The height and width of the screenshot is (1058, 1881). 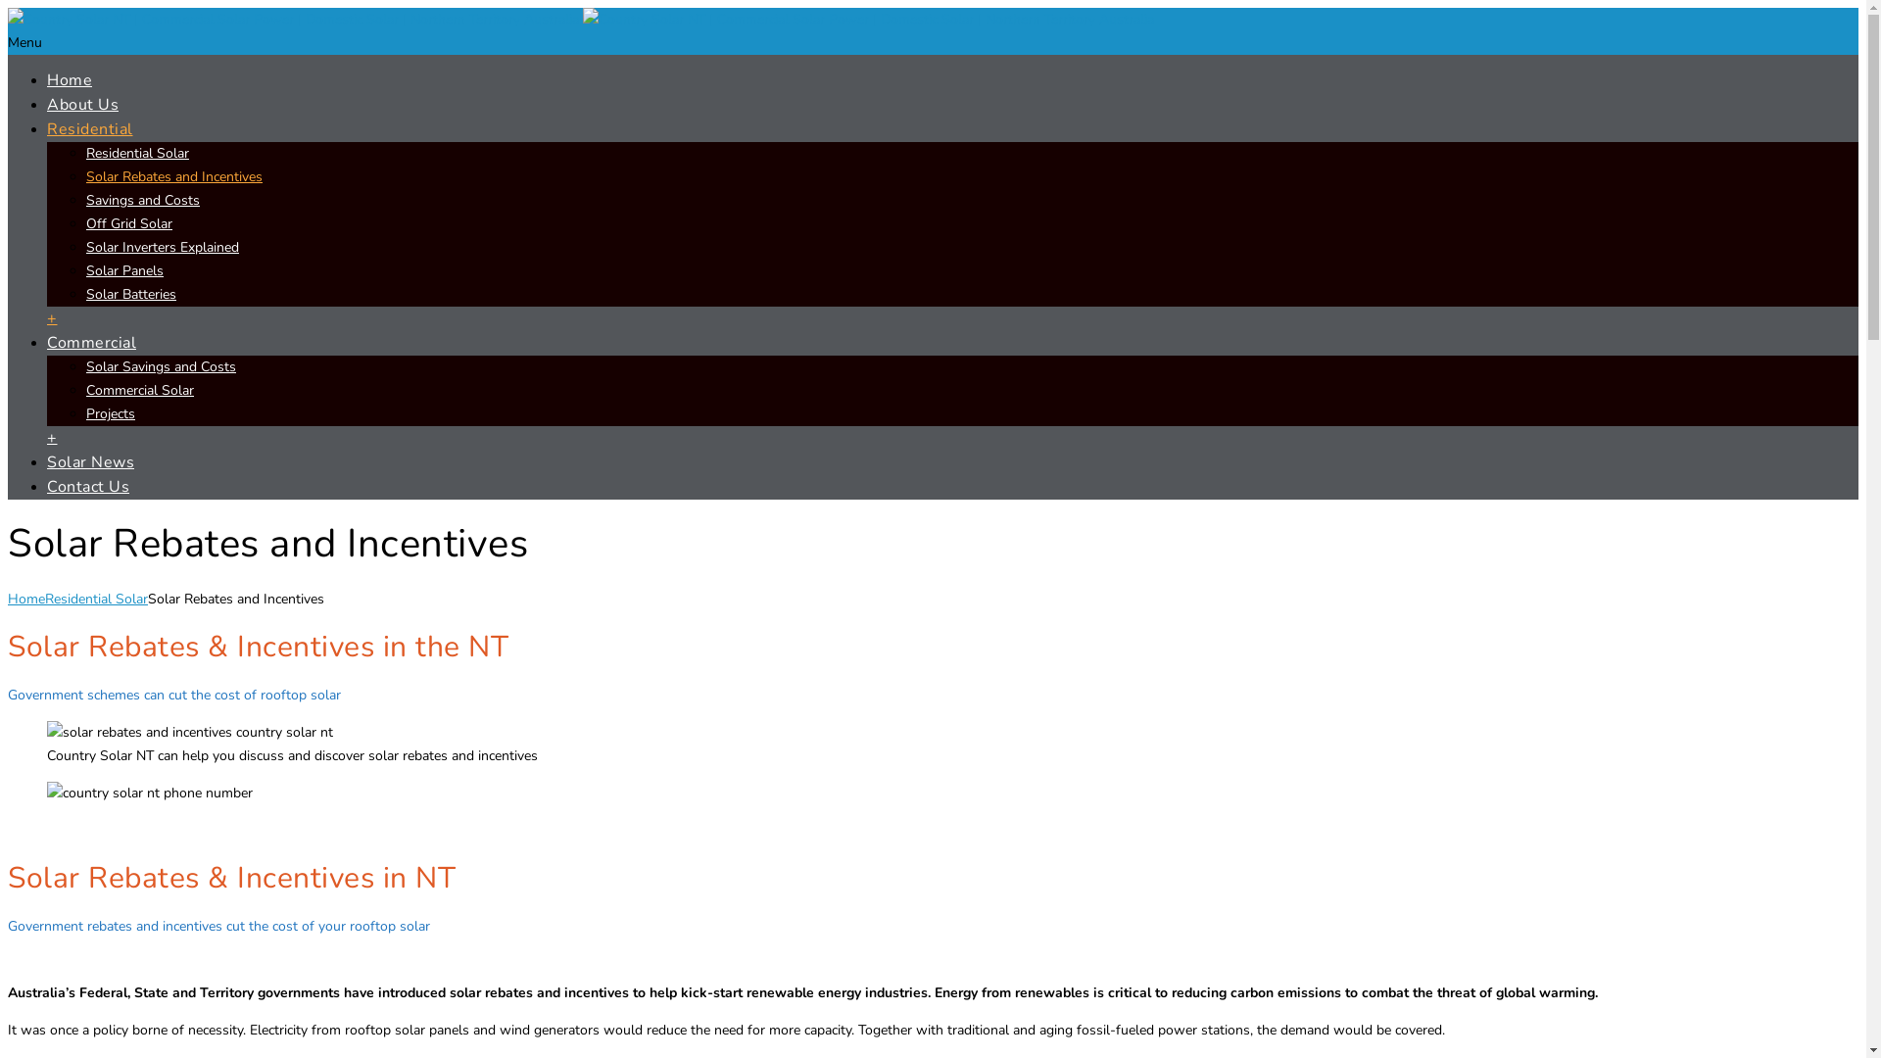 What do you see at coordinates (163, 246) in the screenshot?
I see `'Solar Inverters Explained'` at bounding box center [163, 246].